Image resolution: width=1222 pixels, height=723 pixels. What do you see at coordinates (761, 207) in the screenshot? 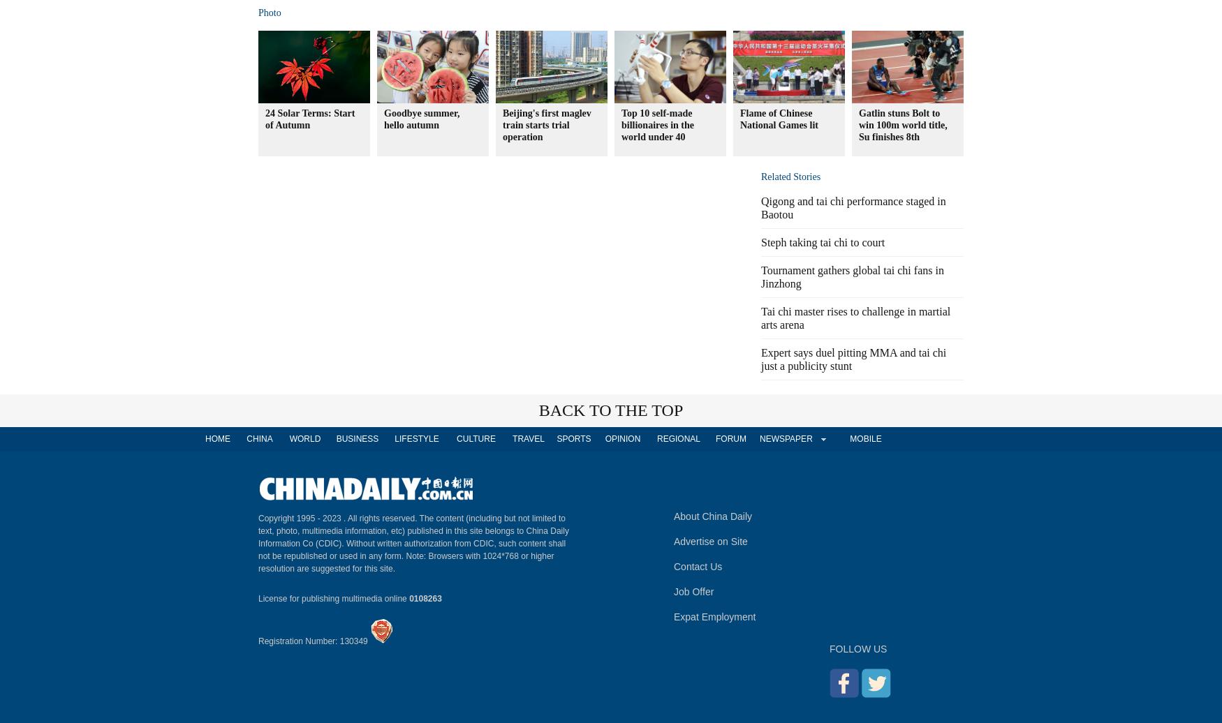
I see `'Qigong and tai chi performance staged in Baotou'` at bounding box center [761, 207].